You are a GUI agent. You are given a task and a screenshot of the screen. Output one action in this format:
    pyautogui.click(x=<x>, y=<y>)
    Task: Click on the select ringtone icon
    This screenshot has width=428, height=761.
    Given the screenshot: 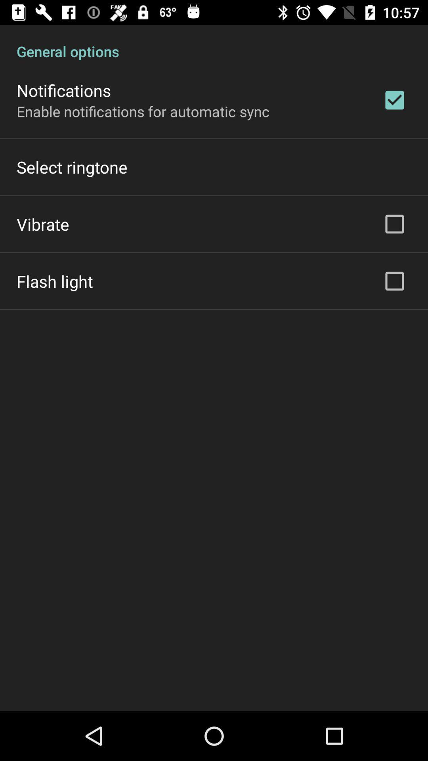 What is the action you would take?
    pyautogui.click(x=72, y=166)
    